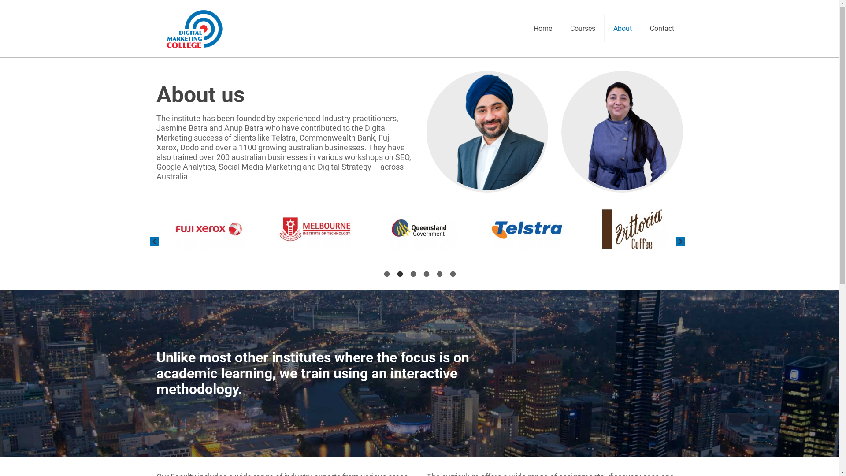  What do you see at coordinates (583, 28) in the screenshot?
I see `'Courses'` at bounding box center [583, 28].